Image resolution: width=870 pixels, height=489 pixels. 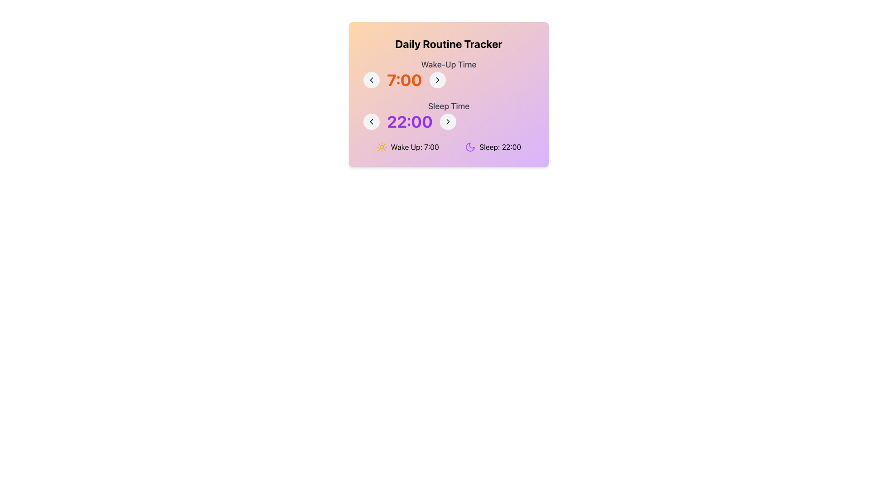 What do you see at coordinates (372, 80) in the screenshot?
I see `the button that decreases the wake-up time, located to the left of the '7:00' text, to observe any hover effects` at bounding box center [372, 80].